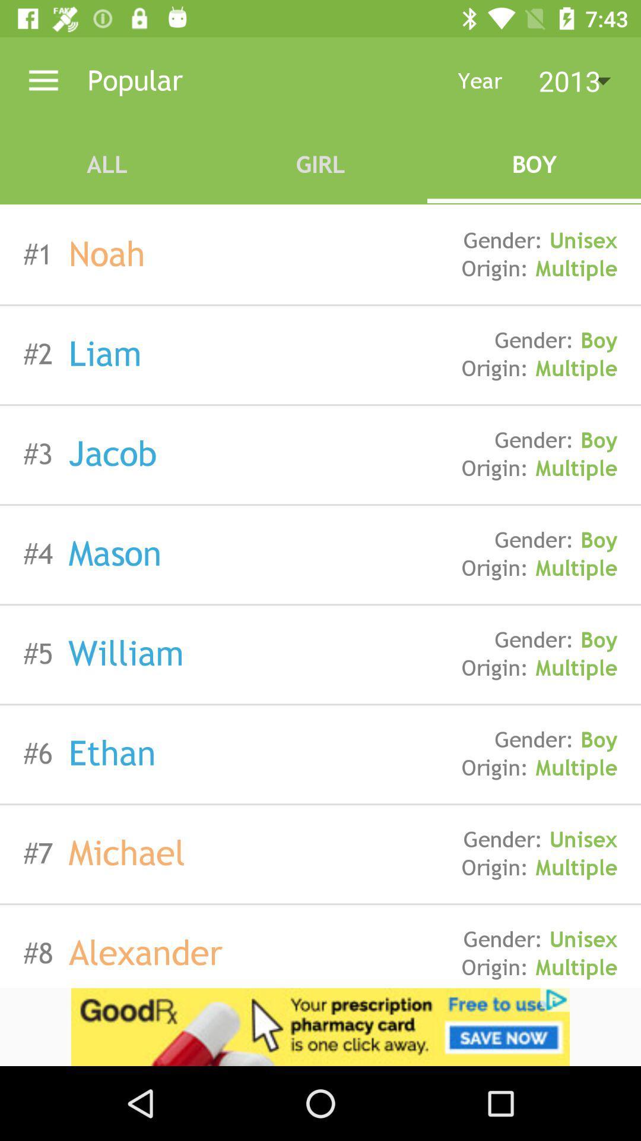  I want to click on click advertisement, so click(320, 1026).